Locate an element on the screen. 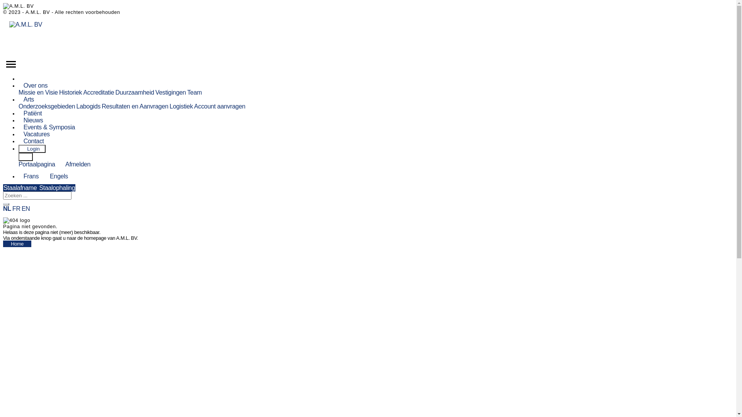 The height and width of the screenshot is (417, 742). 'Duurzaamheid' is located at coordinates (114, 92).